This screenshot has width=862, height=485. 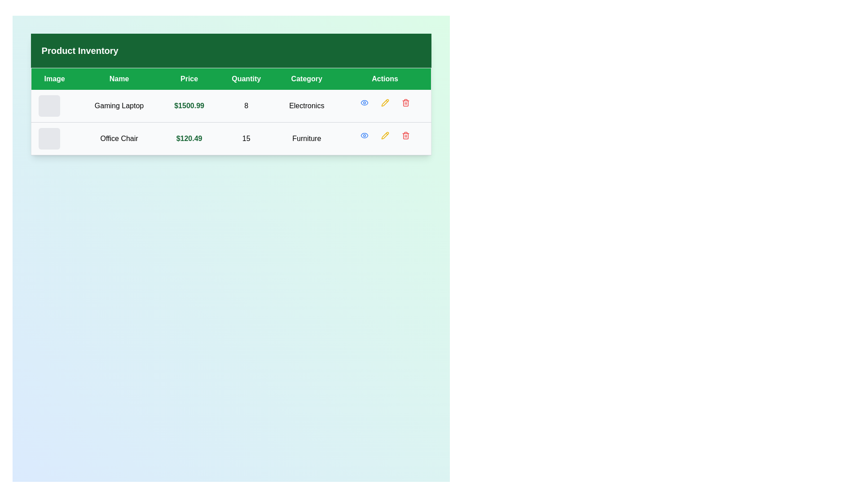 What do you see at coordinates (48, 105) in the screenshot?
I see `the gray, rounded square thumbnail space in the 'Image' column of the inventory table for the 'Gaming Laptop' product` at bounding box center [48, 105].